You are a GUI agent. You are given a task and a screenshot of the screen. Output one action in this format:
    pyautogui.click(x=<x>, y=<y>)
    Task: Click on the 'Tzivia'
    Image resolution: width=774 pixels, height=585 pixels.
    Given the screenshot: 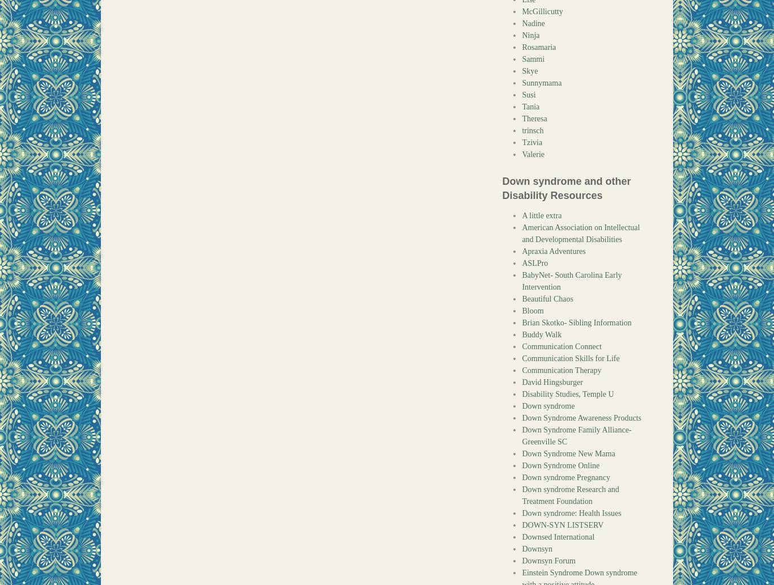 What is the action you would take?
    pyautogui.click(x=531, y=142)
    